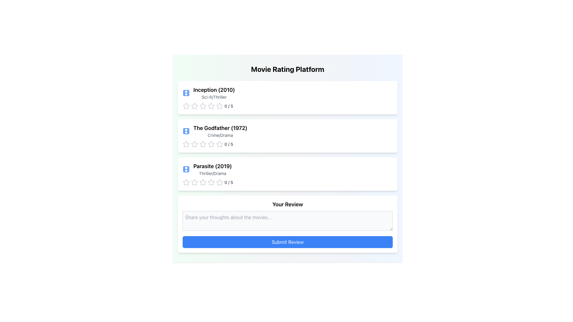  What do you see at coordinates (203, 144) in the screenshot?
I see `the fourth star icon in the rating bar below 'The Godfather (1972)' movie title` at bounding box center [203, 144].